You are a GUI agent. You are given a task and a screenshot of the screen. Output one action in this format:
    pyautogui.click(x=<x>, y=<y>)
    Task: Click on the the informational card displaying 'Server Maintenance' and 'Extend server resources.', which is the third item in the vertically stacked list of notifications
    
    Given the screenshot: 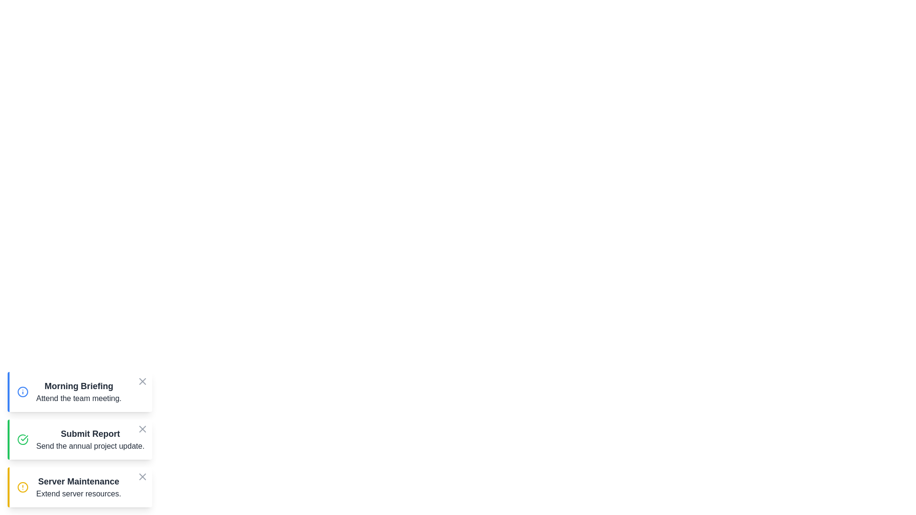 What is the action you would take?
    pyautogui.click(x=81, y=487)
    